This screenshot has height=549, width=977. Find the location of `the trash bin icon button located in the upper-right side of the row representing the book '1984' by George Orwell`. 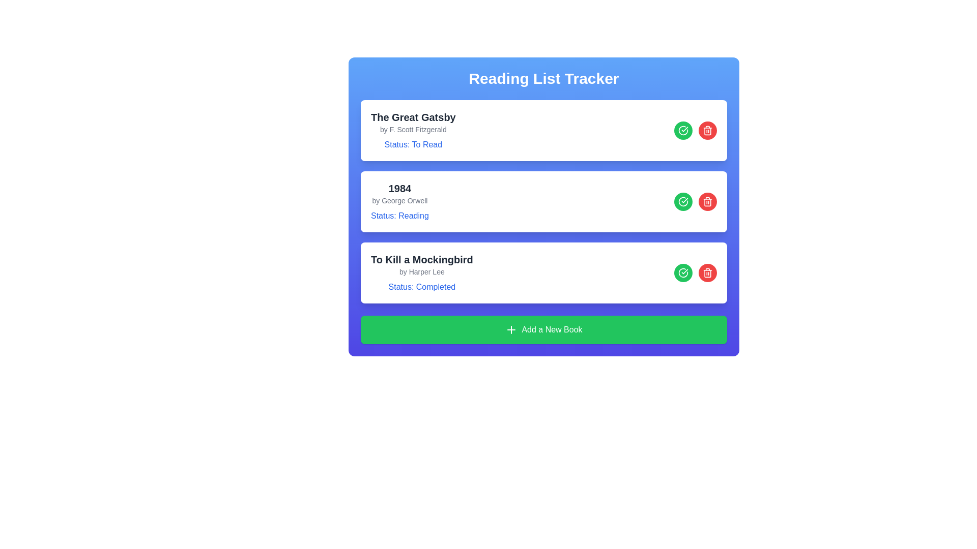

the trash bin icon button located in the upper-right side of the row representing the book '1984' by George Orwell is located at coordinates (707, 202).